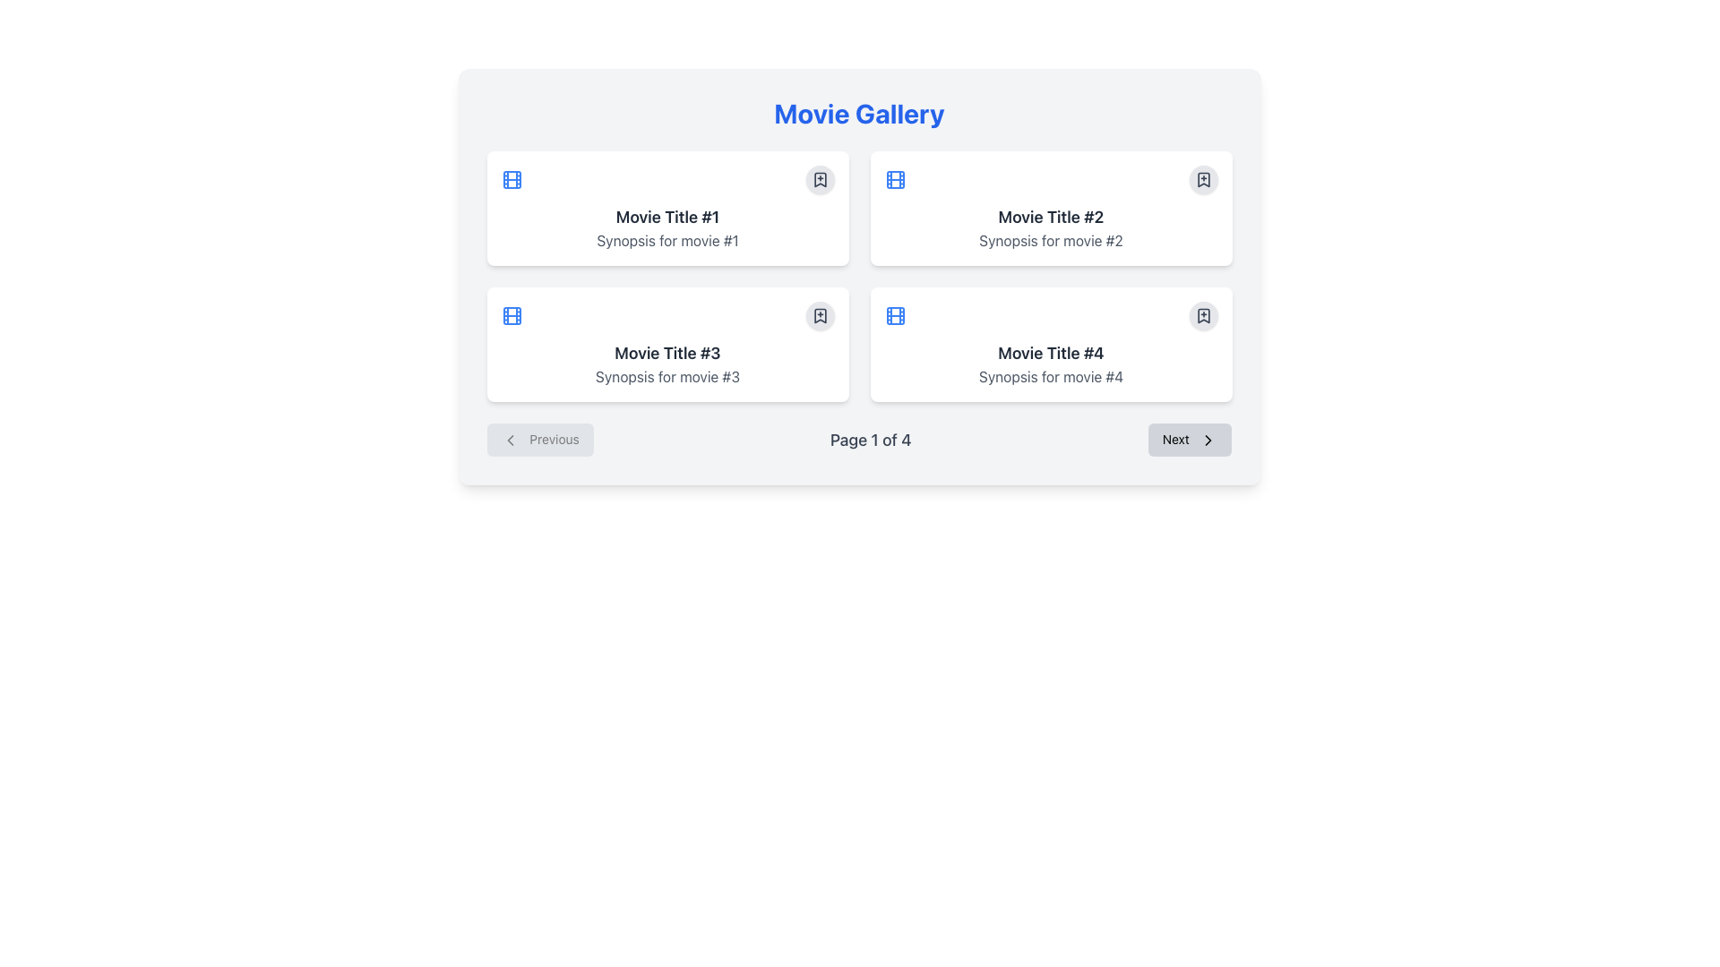 The height and width of the screenshot is (967, 1720). I want to click on static text label that serves as the title of the movie in the first title card of the grid view, located in the top left quadrant above the synopsis text, so click(666, 217).